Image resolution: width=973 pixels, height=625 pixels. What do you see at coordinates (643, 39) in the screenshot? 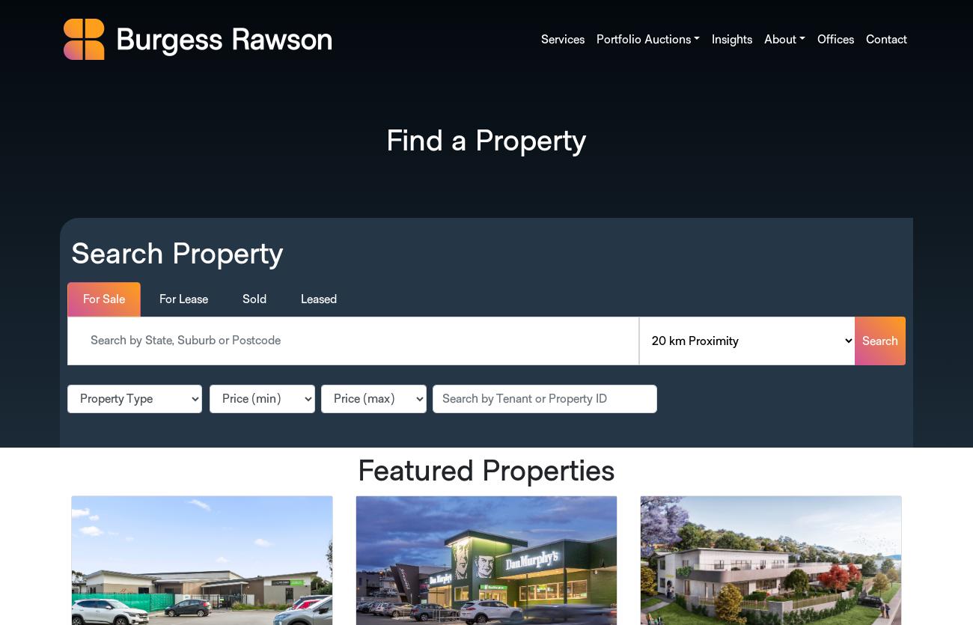
I see `'Portfolio Auctions'` at bounding box center [643, 39].